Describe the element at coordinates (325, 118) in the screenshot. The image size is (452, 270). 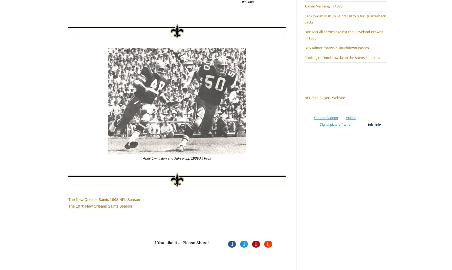
I see `'Youtube Videos'` at that location.